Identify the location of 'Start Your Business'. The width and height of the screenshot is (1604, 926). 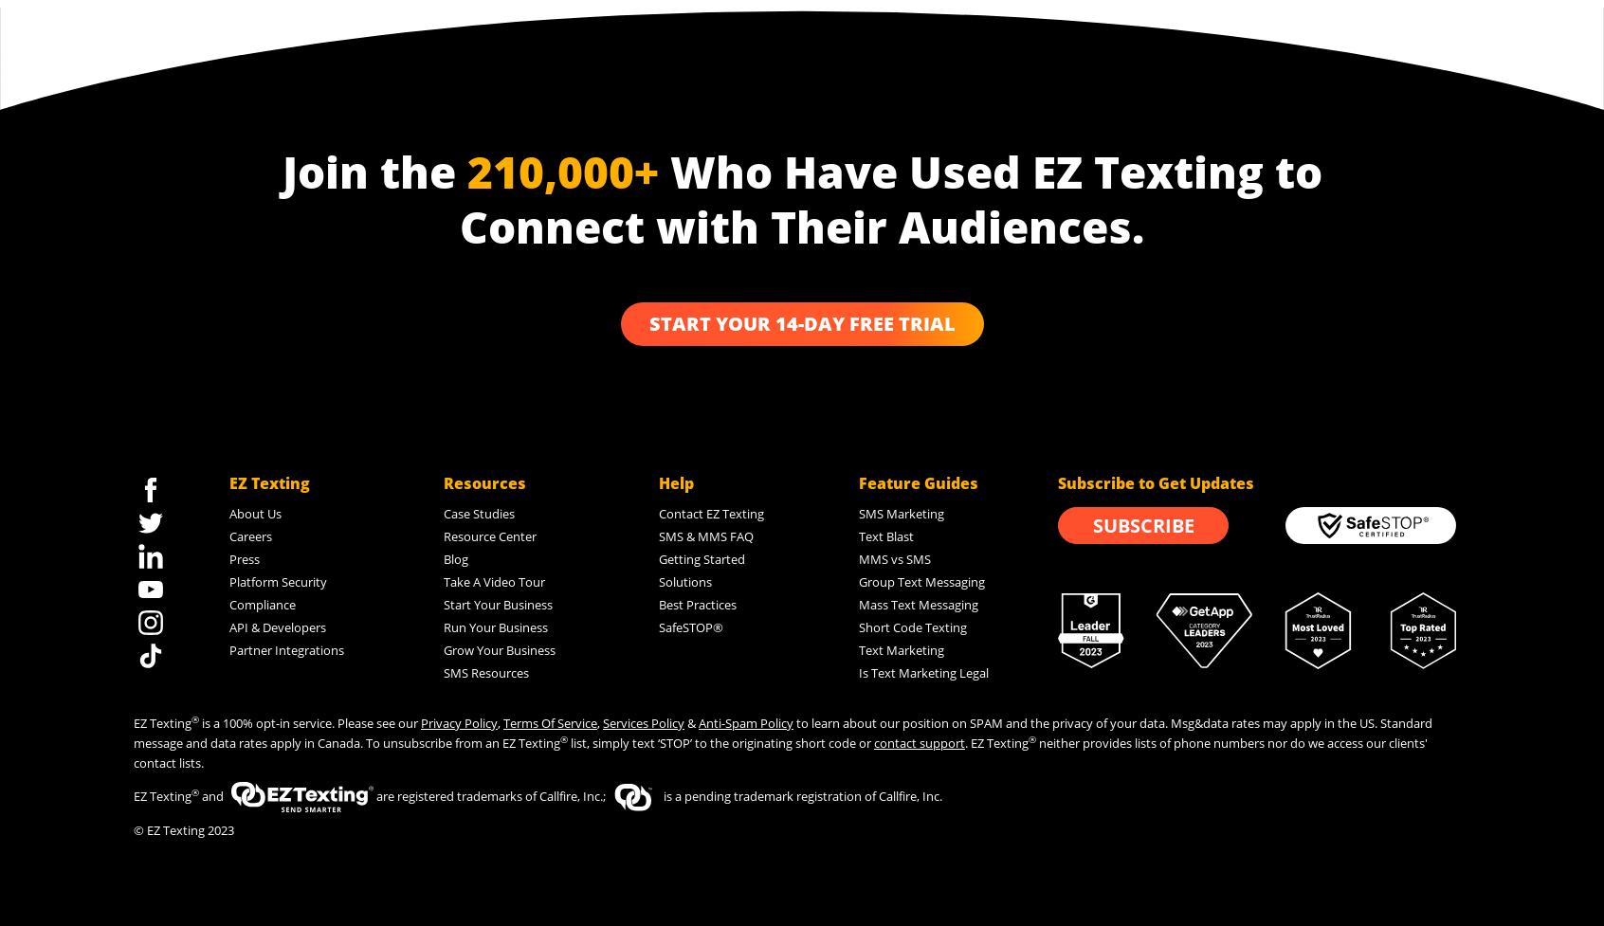
(497, 603).